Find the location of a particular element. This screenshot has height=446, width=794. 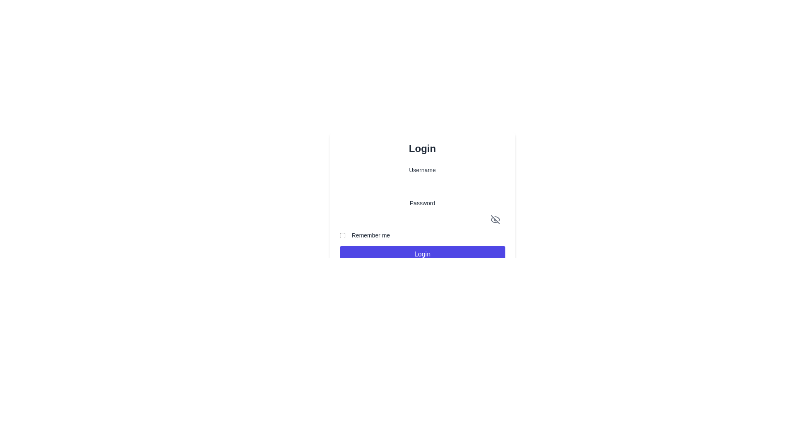

the 'Login' button, which is a horizontally stretched button with rounded corners, vibrant indigo background, and white text is located at coordinates (422, 254).